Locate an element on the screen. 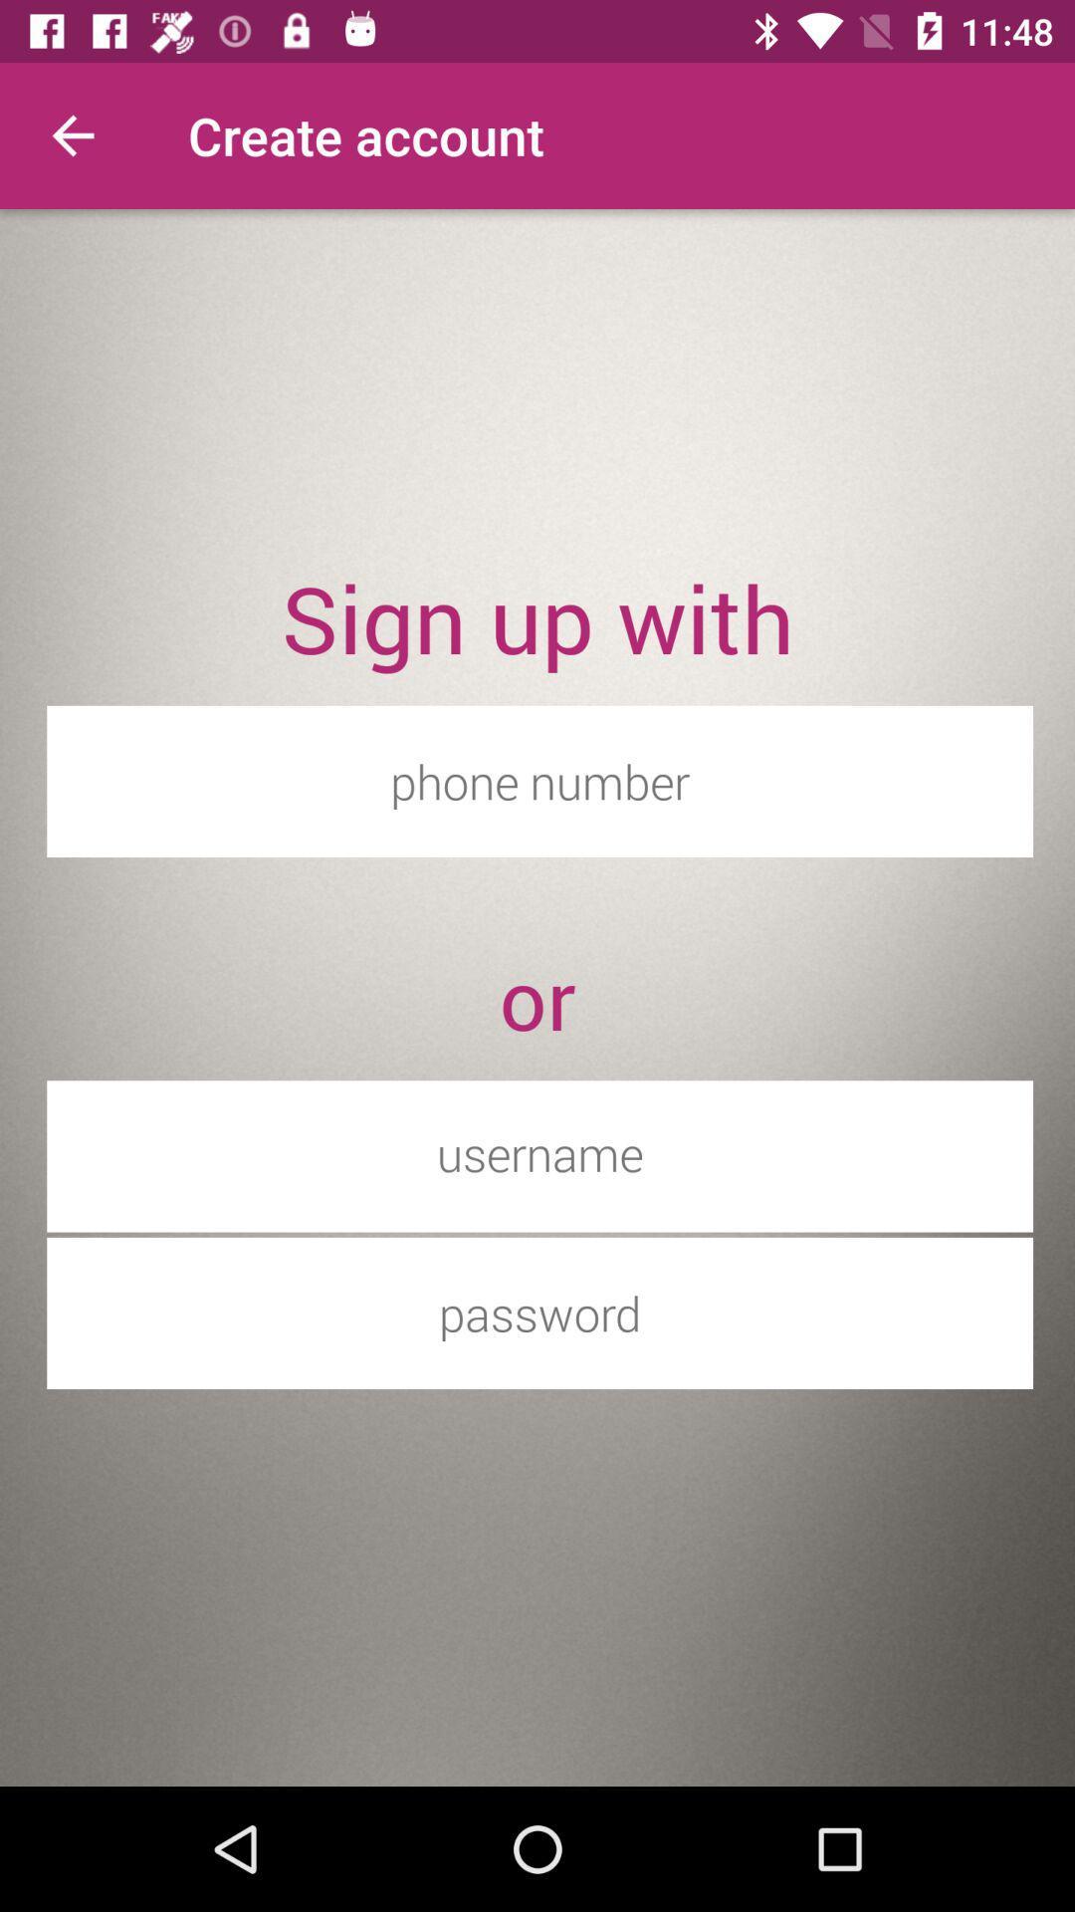 Image resolution: width=1075 pixels, height=1912 pixels. icon next to the create account item is located at coordinates (72, 134).